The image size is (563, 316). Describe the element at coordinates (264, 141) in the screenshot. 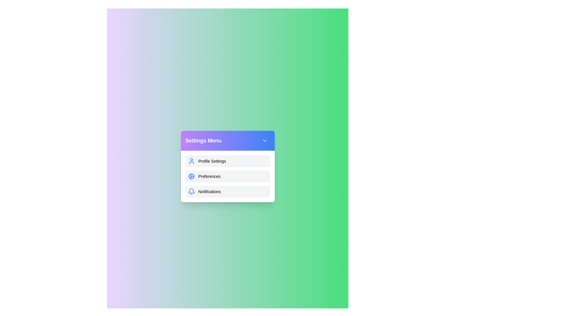

I see `the dropdown button to toggle the menu visibility` at that location.